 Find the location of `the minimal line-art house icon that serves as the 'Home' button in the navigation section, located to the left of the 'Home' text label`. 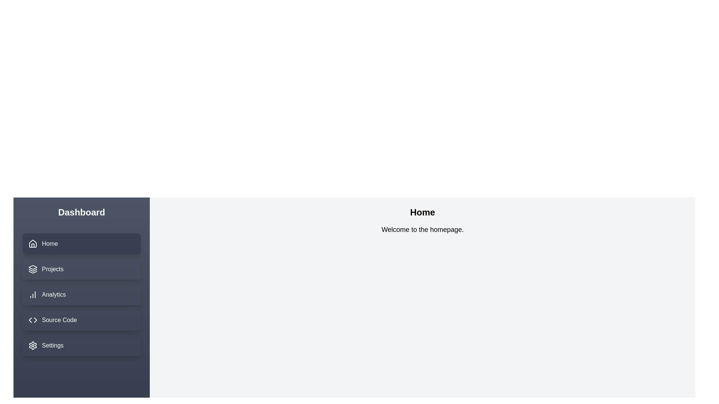

the minimal line-art house icon that serves as the 'Home' button in the navigation section, located to the left of the 'Home' text label is located at coordinates (32, 244).